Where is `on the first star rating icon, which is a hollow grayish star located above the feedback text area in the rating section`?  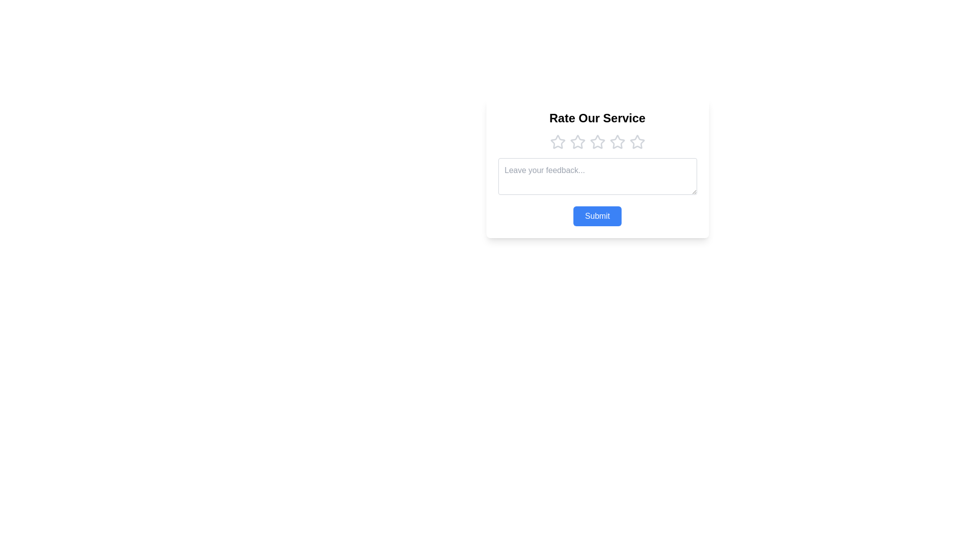
on the first star rating icon, which is a hollow grayish star located above the feedback text area in the rating section is located at coordinates (557, 142).